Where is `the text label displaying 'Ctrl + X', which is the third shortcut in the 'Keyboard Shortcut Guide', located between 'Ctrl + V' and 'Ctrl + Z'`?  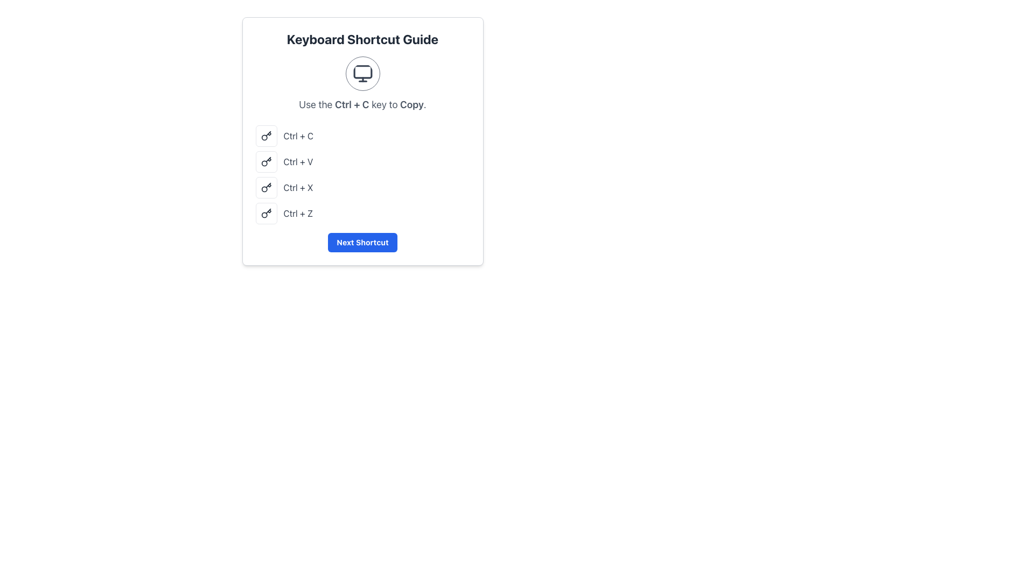
the text label displaying 'Ctrl + X', which is the third shortcut in the 'Keyboard Shortcut Guide', located between 'Ctrl + V' and 'Ctrl + Z' is located at coordinates (298, 187).